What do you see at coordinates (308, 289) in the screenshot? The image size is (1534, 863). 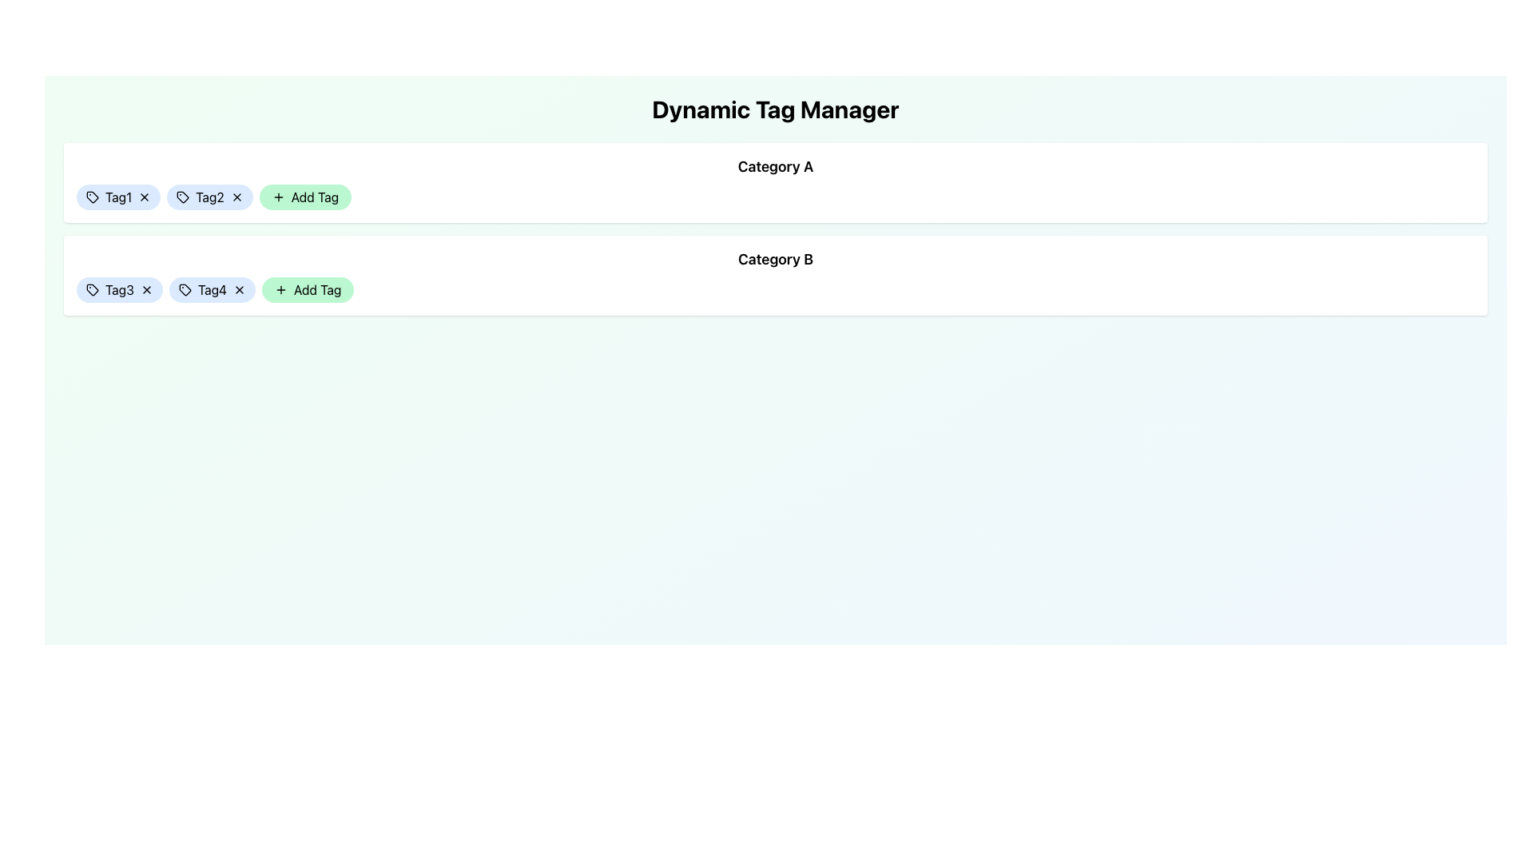 I see `the 'Add Tag' button, which is a green rectangular button with rounded corners and a plus sign icon` at bounding box center [308, 289].